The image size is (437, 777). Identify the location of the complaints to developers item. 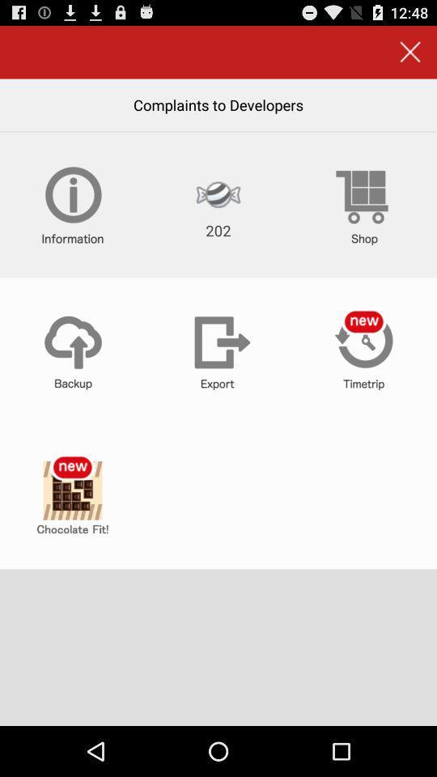
(218, 104).